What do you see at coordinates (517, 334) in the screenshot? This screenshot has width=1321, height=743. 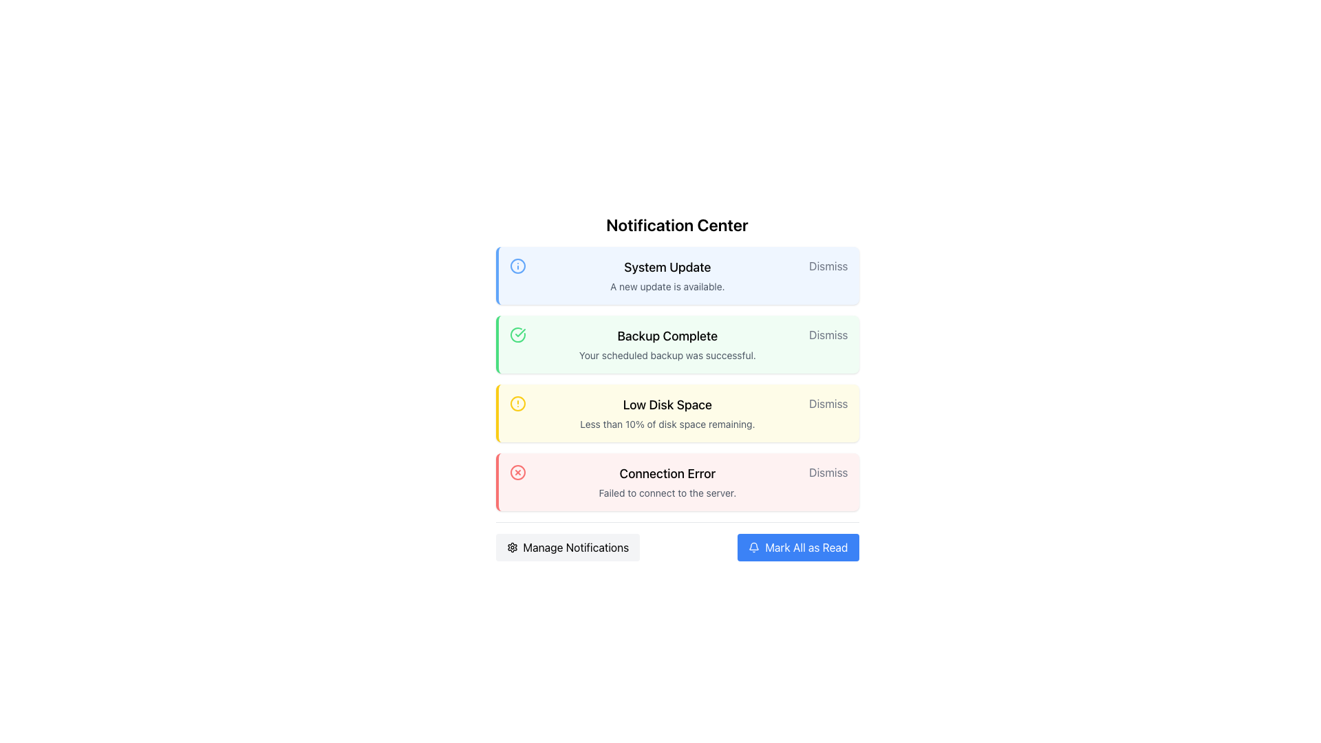 I see `the circular success icon with a green outline and checkmark located within the 'Backup Complete' notification card, positioned to the left of the text` at bounding box center [517, 334].